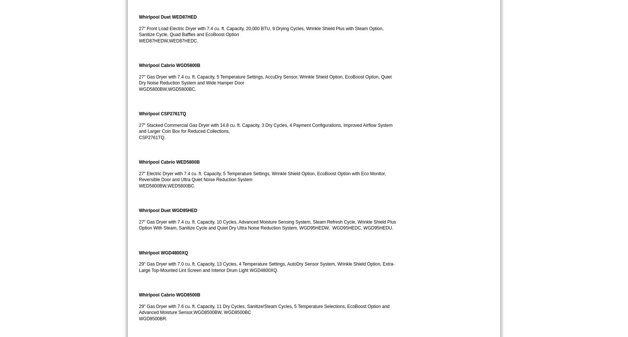 The width and height of the screenshot is (628, 337). I want to click on 'Whirlpool CSP2761TQ', so click(138, 113).